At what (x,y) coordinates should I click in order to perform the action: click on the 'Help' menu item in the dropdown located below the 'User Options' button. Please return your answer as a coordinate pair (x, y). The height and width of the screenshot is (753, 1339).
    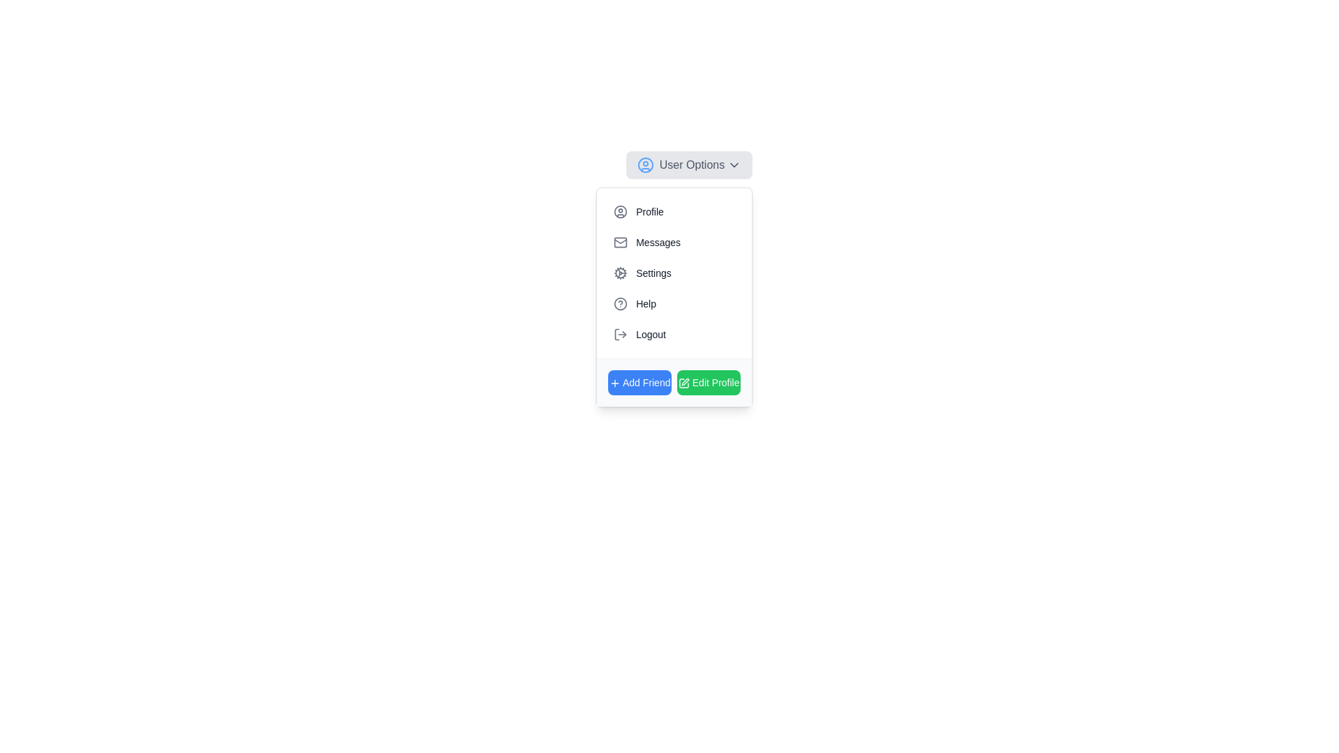
    Looking at the image, I should click on (674, 296).